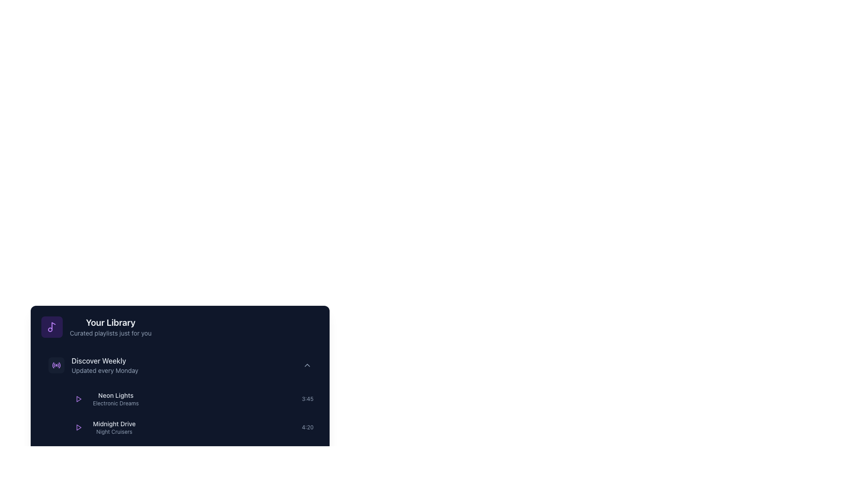  I want to click on the text label for the playlist or item named 'Neon Lights' with the subtitle 'Electronic Dreams' located in the 'Your Library' section, so click(115, 399).